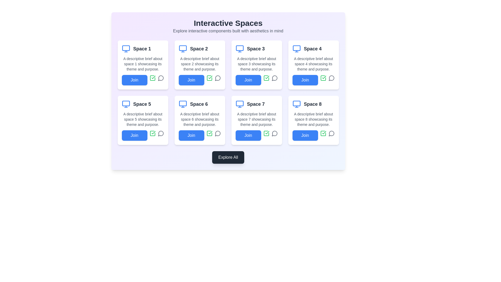  Describe the element at coordinates (305, 135) in the screenshot. I see `the button located below the title 'Space 8' in the eighth card to observe style changes` at that location.